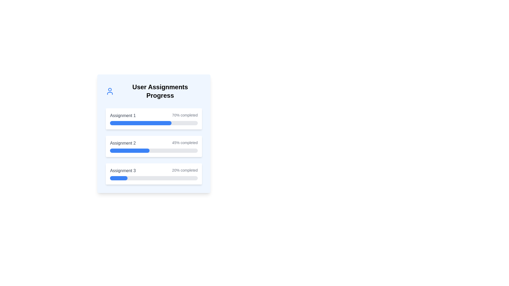 The image size is (509, 286). What do you see at coordinates (153, 123) in the screenshot?
I see `the progress visually on the horizontal progress bar styled with a rounded, gray background and a blue-filled portion indicating progress, located below the 'Assignment 1' text and '70% completed' label` at bounding box center [153, 123].